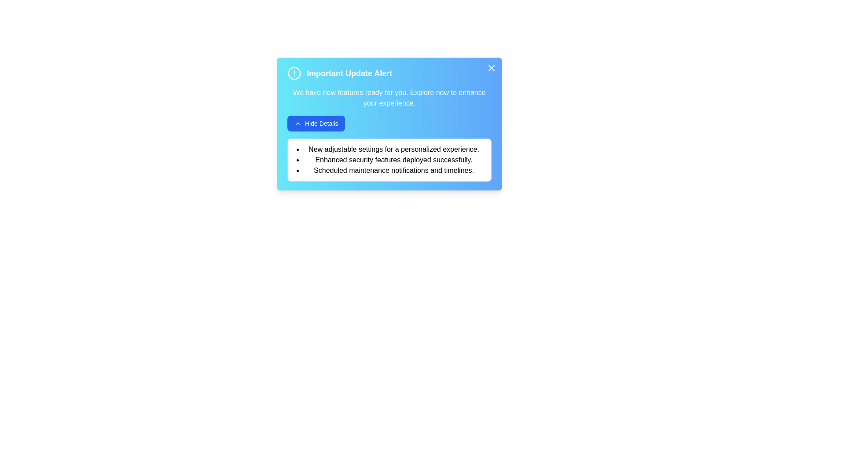  I want to click on the 'Hide Details' button to toggle the visibility of the additional information, so click(316, 124).